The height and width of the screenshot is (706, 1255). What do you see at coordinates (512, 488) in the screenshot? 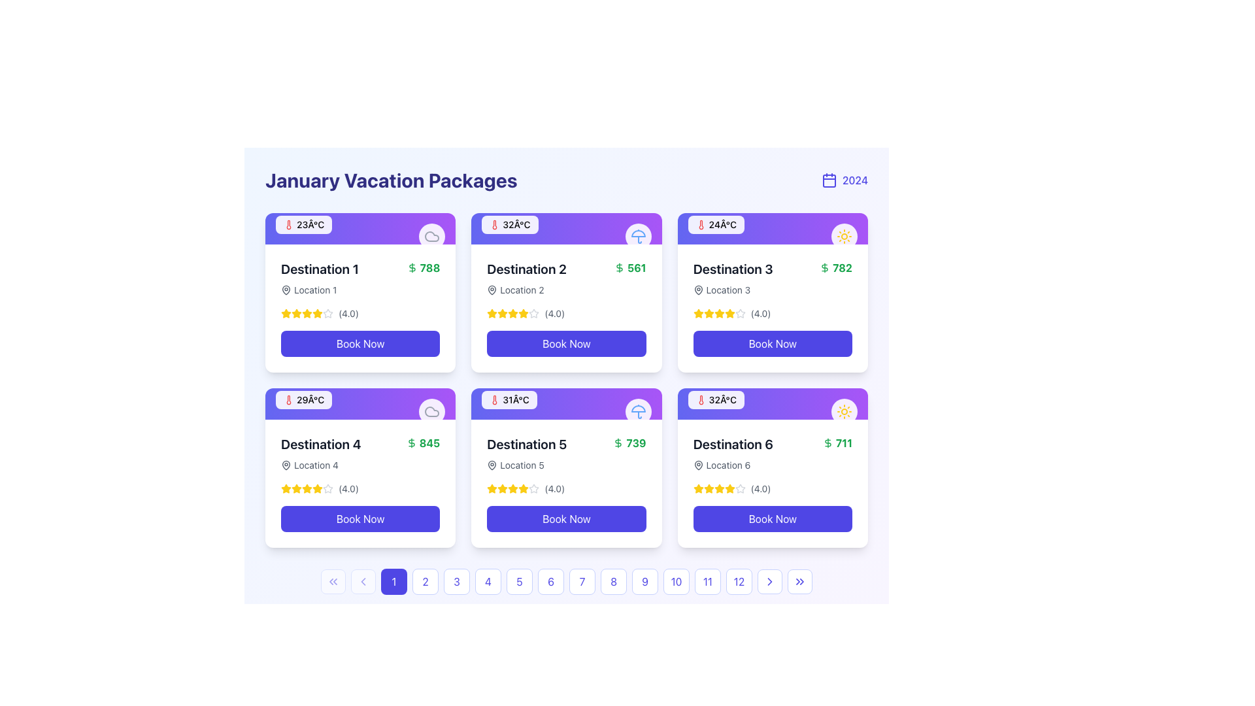
I see `the third star in the rating system located in the 'Destination 5' card to update the rating` at bounding box center [512, 488].